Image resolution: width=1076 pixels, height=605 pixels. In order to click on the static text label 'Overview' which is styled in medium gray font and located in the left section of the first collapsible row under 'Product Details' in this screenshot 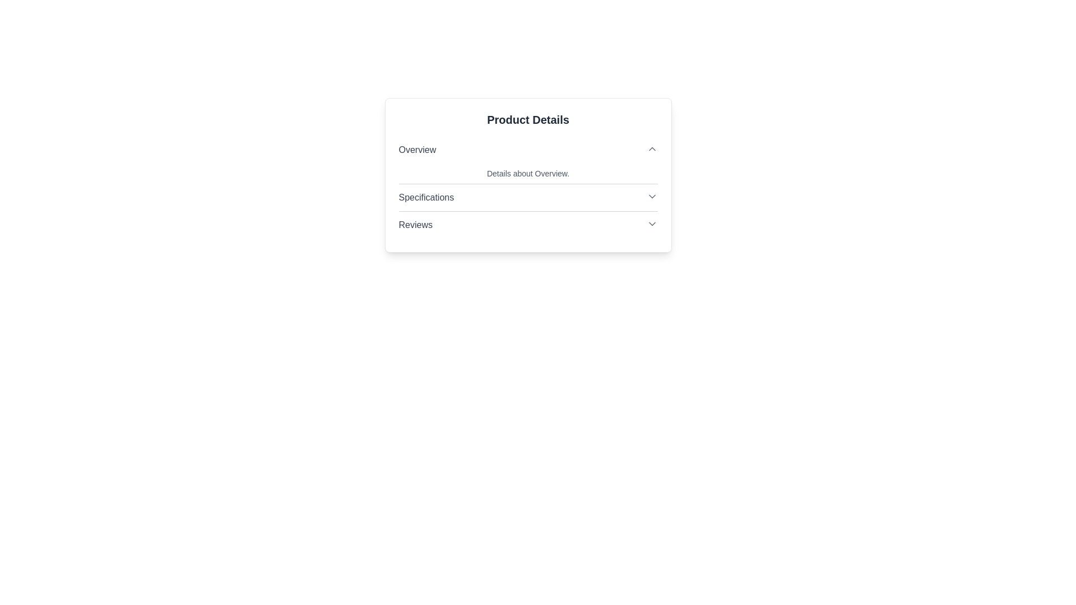, I will do `click(416, 149)`.